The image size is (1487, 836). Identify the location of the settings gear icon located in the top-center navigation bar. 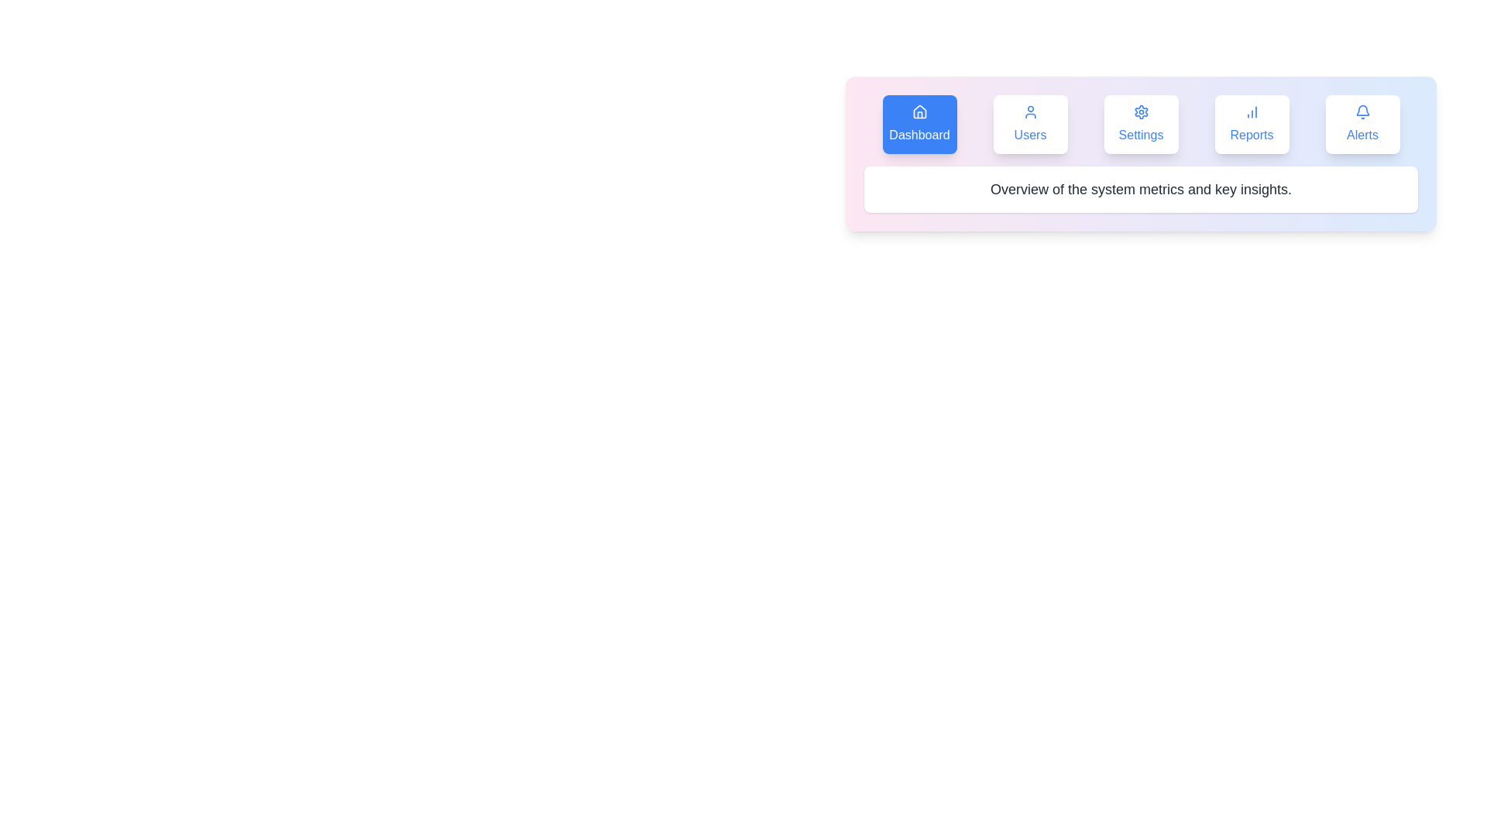
(1141, 111).